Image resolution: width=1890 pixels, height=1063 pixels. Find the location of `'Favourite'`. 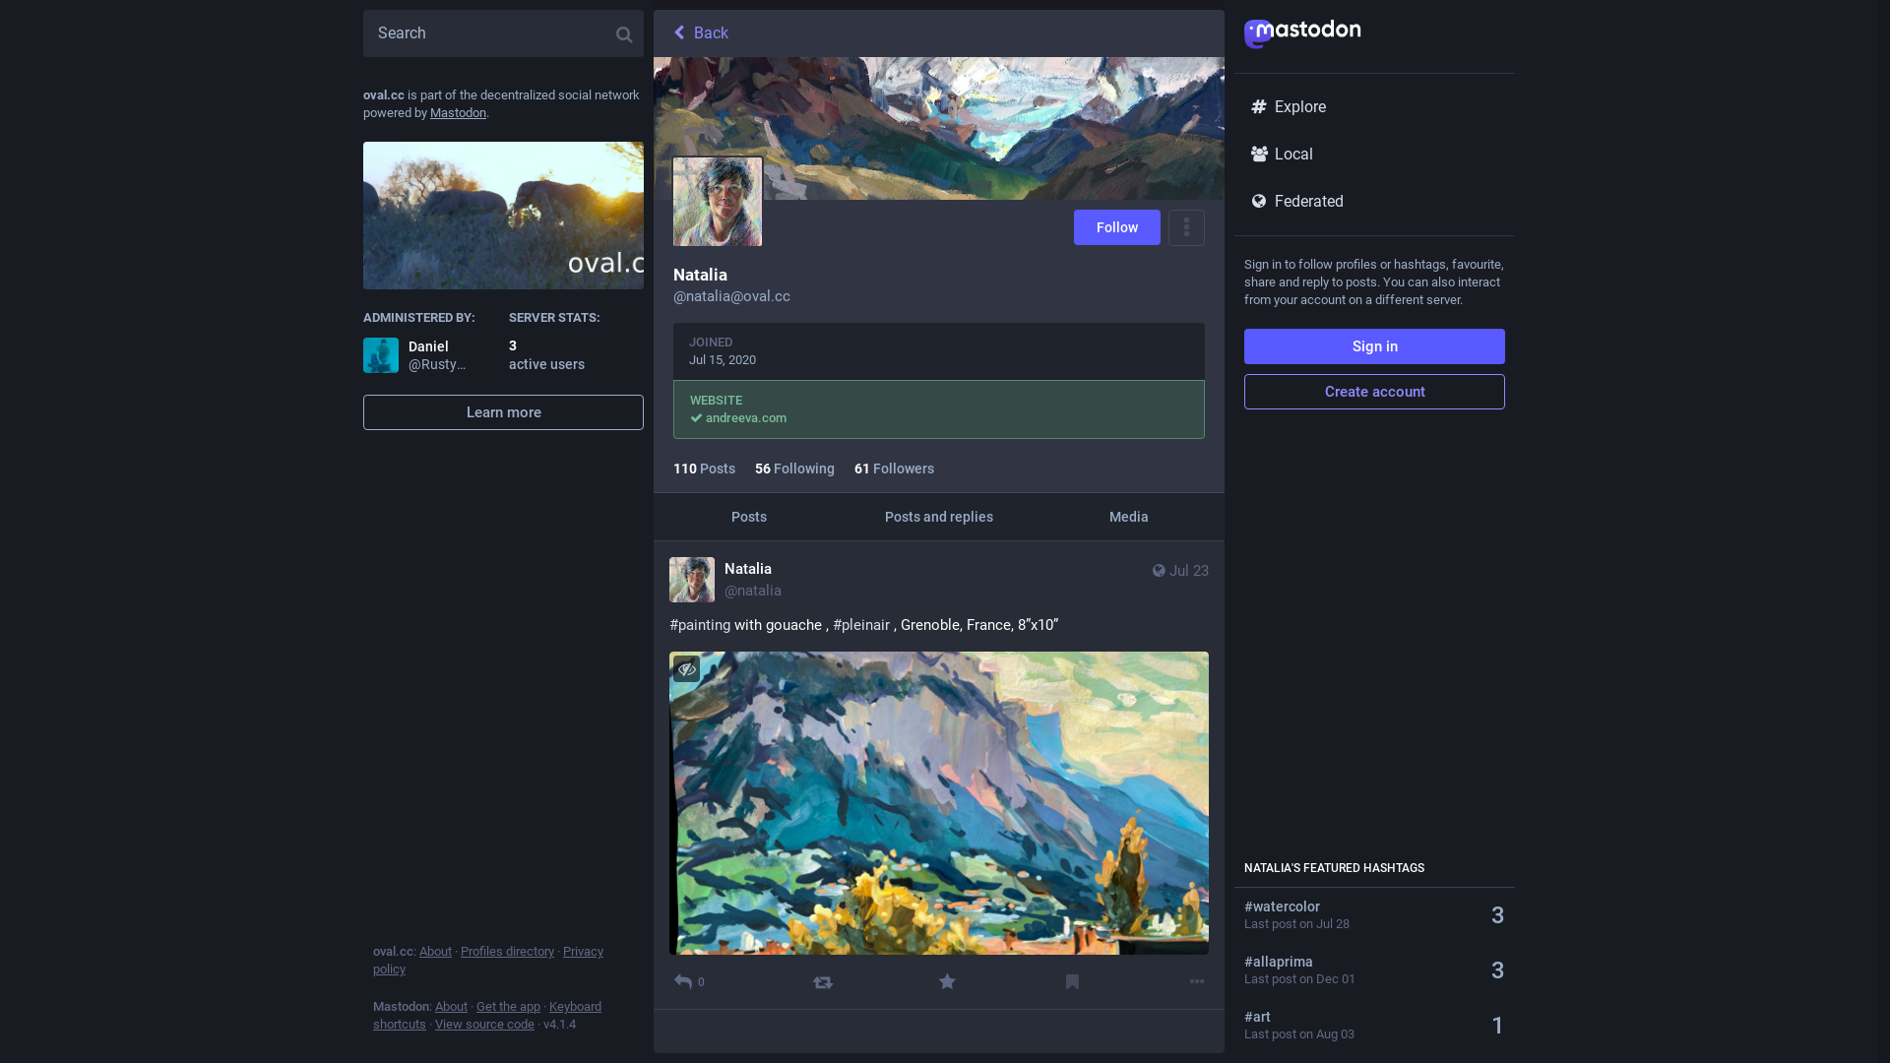

'Favourite' is located at coordinates (947, 981).